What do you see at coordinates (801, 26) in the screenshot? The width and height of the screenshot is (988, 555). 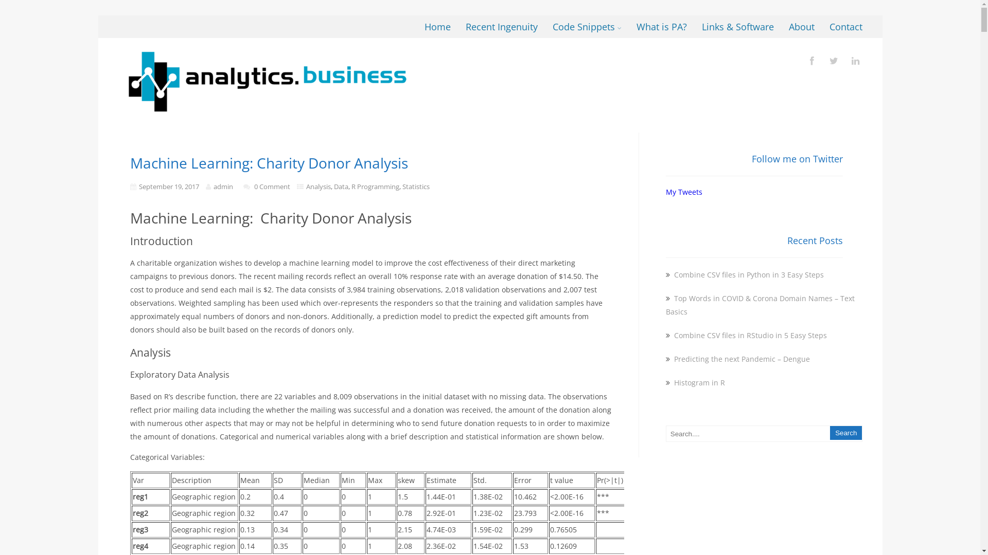 I see `'About'` at bounding box center [801, 26].